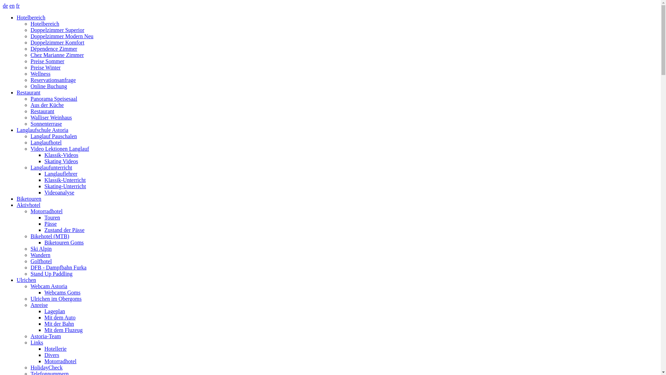 The image size is (666, 375). Describe the element at coordinates (30, 123) in the screenshot. I see `'Sonnenterrase'` at that location.